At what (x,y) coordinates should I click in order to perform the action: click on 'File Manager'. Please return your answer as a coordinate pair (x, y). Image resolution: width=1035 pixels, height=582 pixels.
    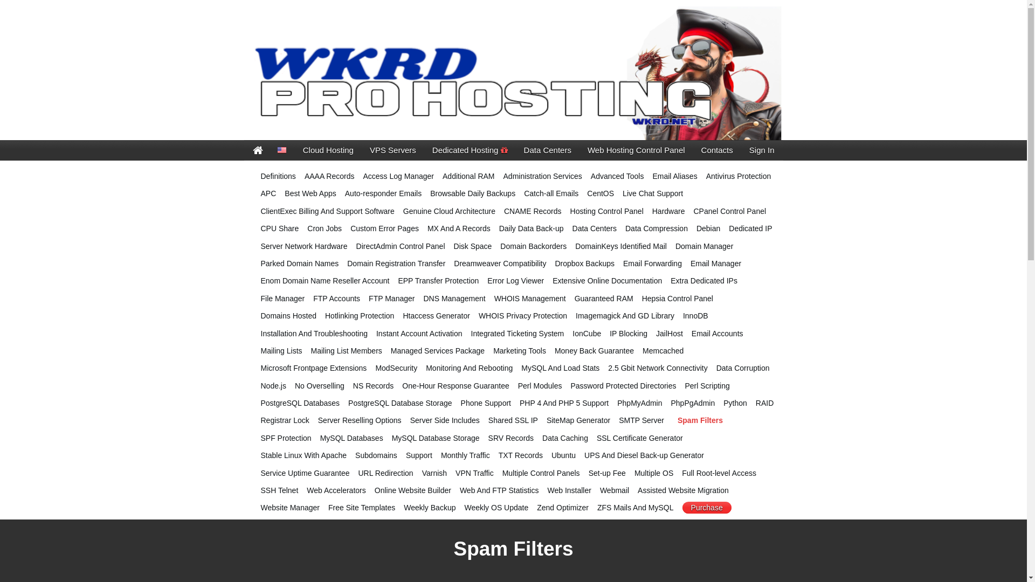
    Looking at the image, I should click on (261, 299).